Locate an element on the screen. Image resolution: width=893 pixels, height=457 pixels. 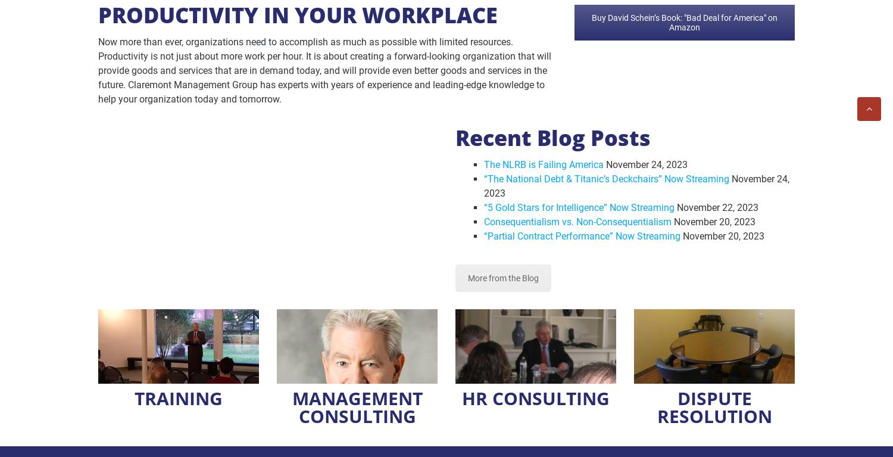
'Buy David Schein’s Book: "Bad Deal for America" on Amazon' is located at coordinates (685, 22).